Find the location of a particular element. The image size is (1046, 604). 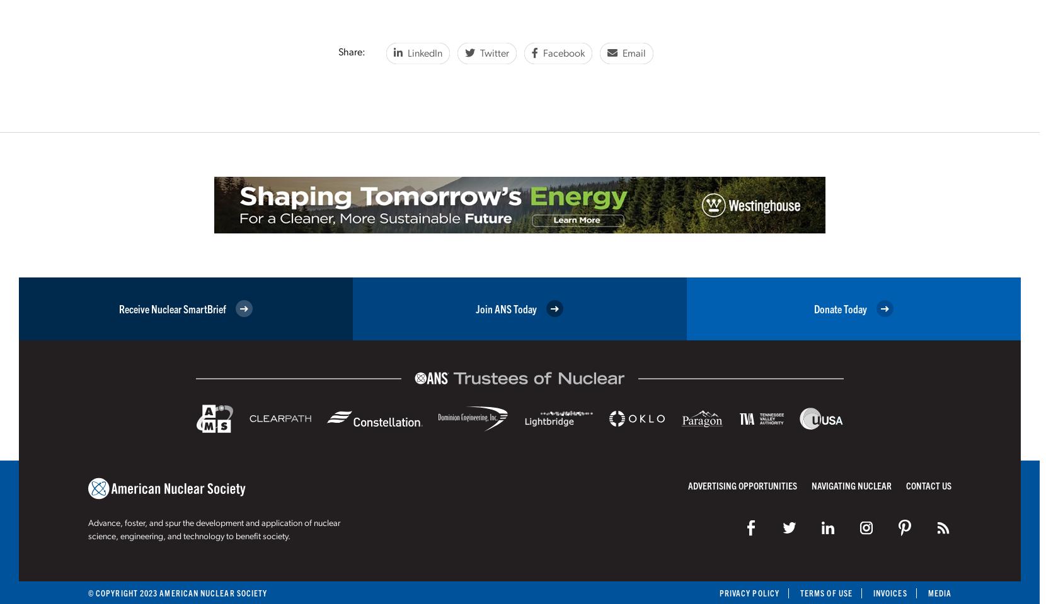

'Invoices' is located at coordinates (889, 593).